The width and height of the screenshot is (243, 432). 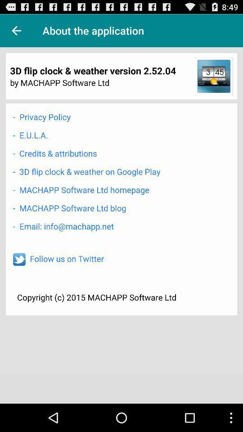 I want to click on the icon above copyright c 2015 item, so click(x=66, y=258).